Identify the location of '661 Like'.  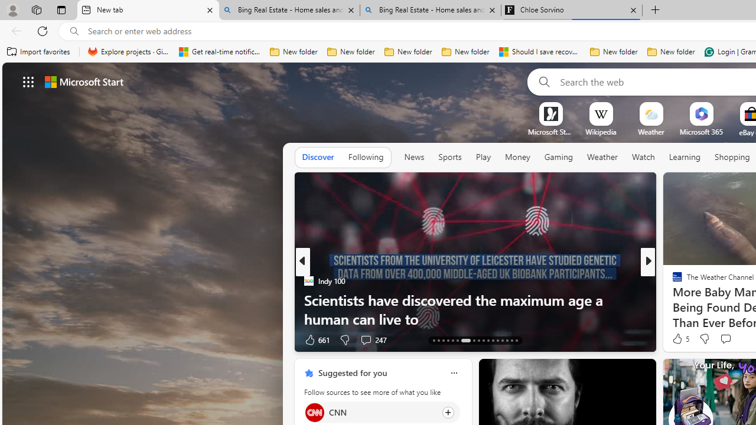
(316, 339).